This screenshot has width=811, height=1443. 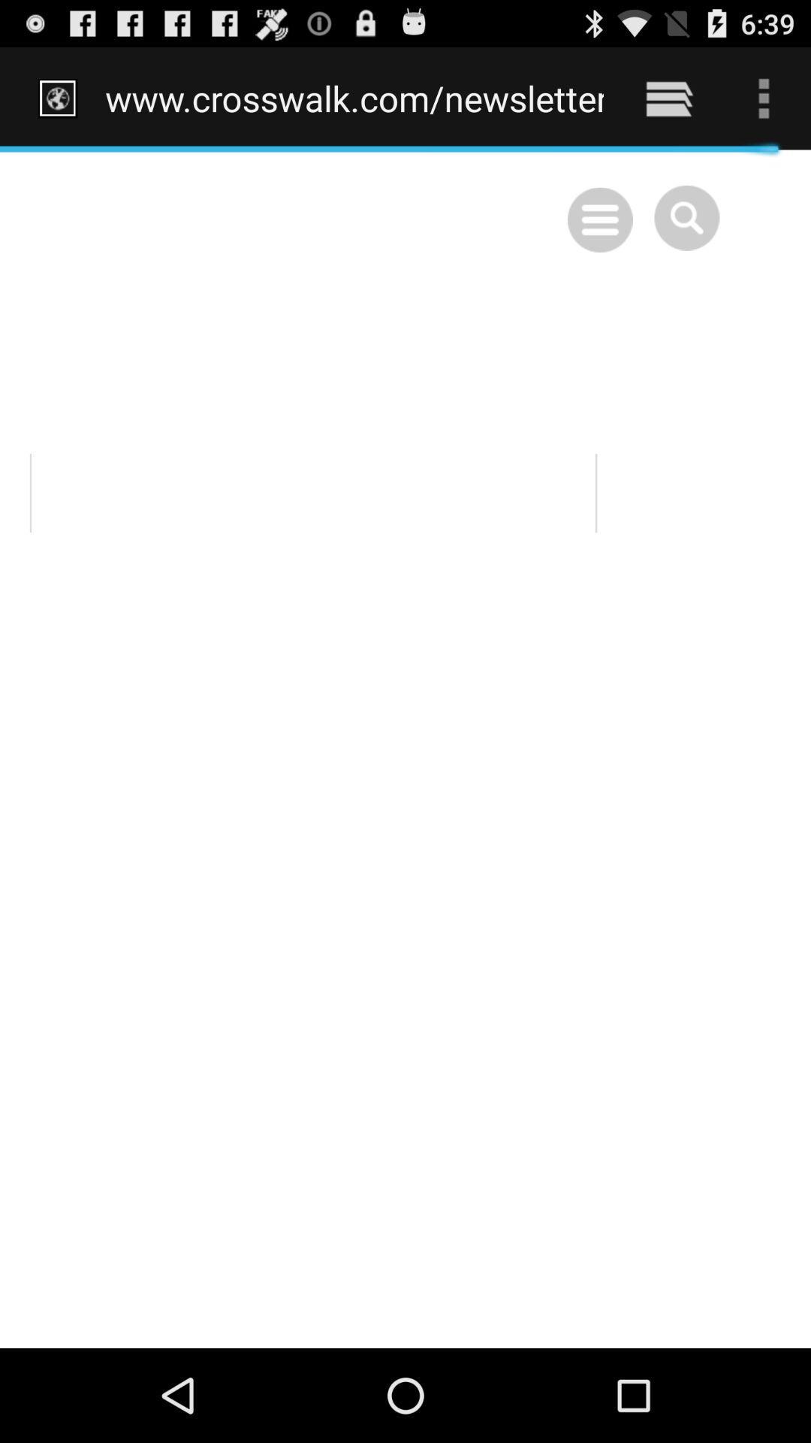 I want to click on the item below the www crosswalk com item, so click(x=405, y=749).